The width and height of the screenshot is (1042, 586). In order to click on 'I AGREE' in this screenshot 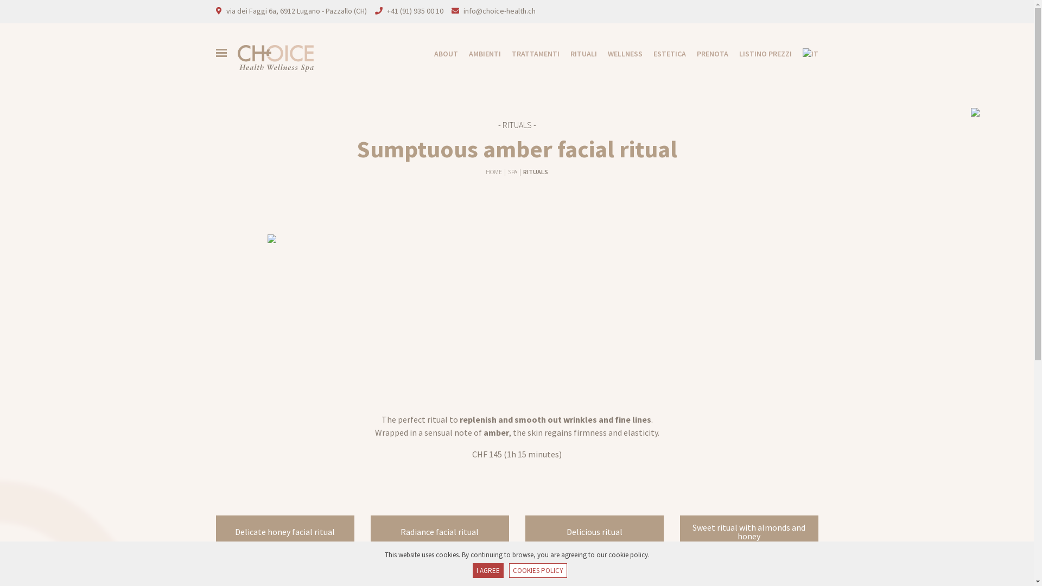, I will do `click(487, 570)`.